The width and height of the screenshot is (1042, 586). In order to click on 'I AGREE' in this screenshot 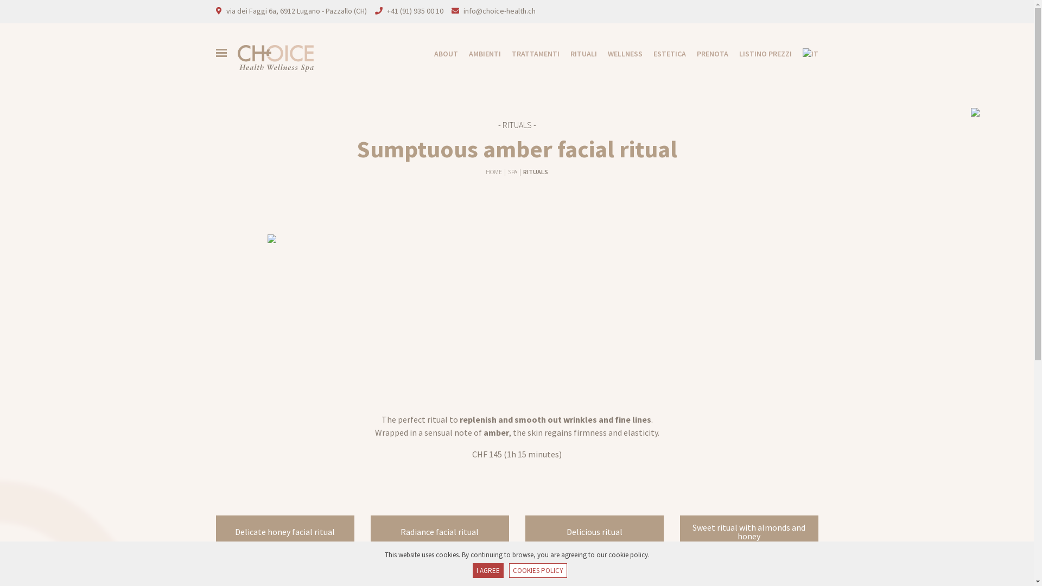, I will do `click(487, 570)`.